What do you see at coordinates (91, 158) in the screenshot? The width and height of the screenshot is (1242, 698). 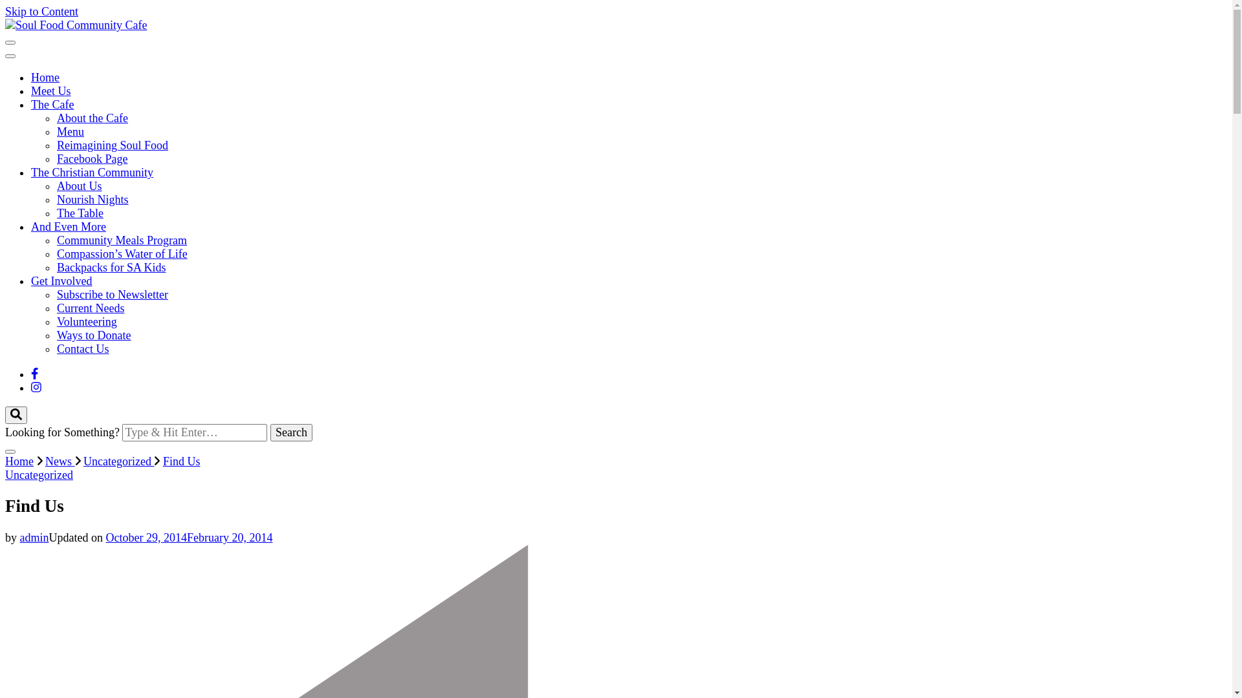 I see `'Facebook Page'` at bounding box center [91, 158].